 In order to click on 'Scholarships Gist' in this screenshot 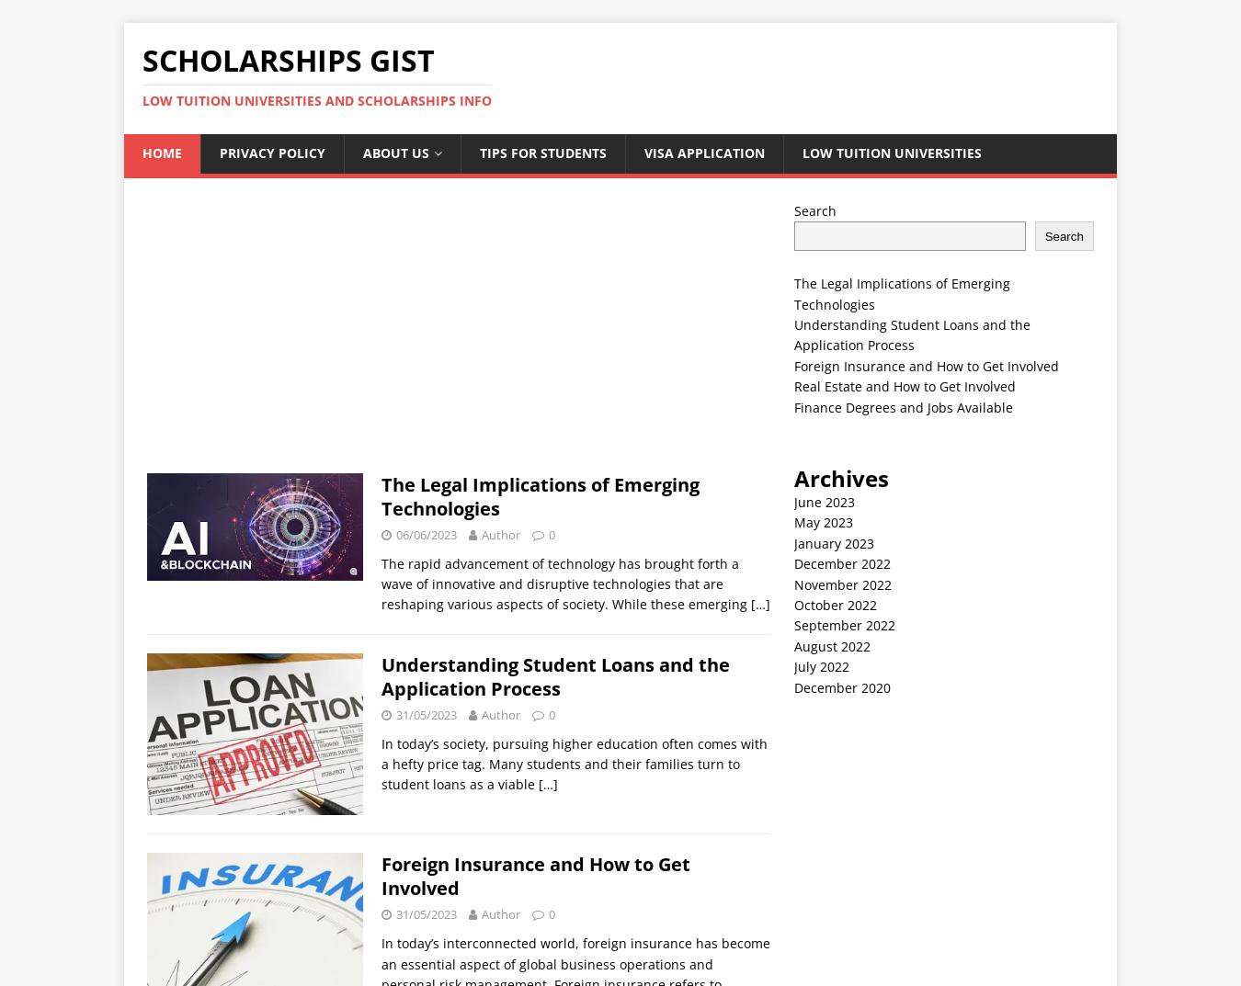, I will do `click(288, 60)`.